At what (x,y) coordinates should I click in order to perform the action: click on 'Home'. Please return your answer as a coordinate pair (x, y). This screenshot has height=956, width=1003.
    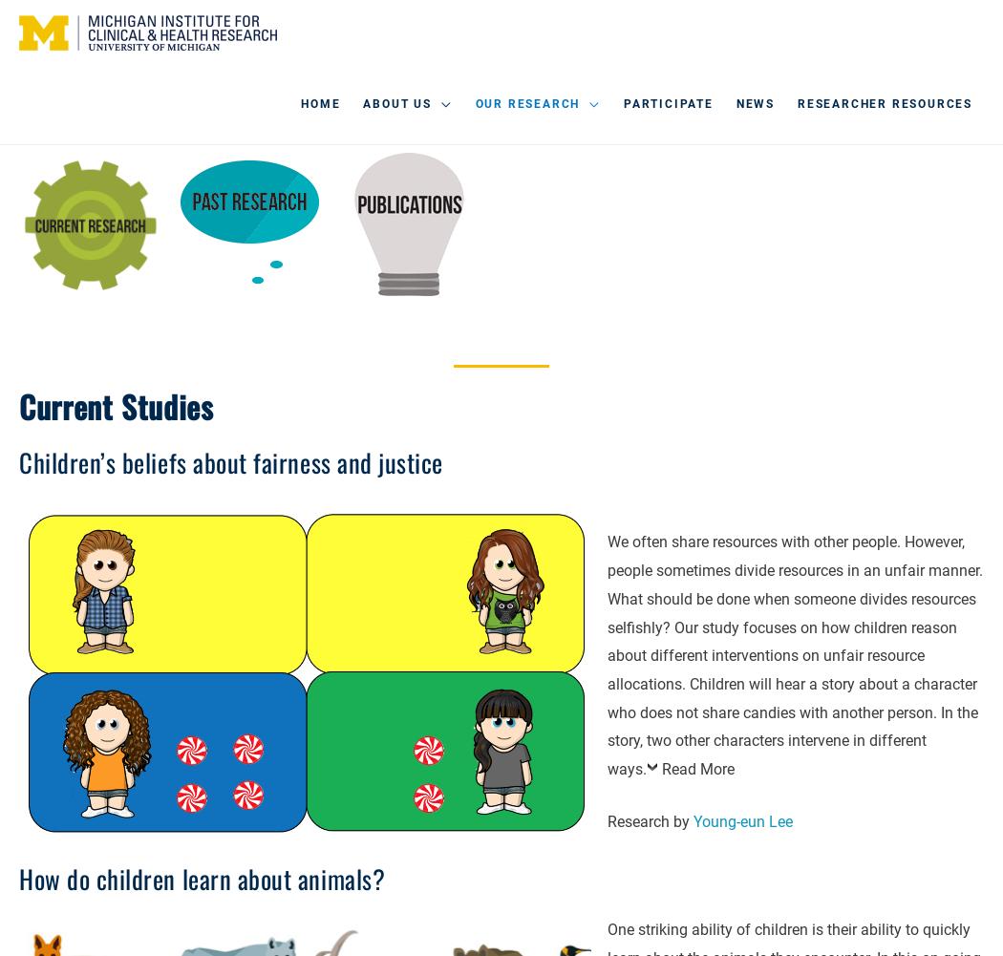
    Looking at the image, I should click on (320, 103).